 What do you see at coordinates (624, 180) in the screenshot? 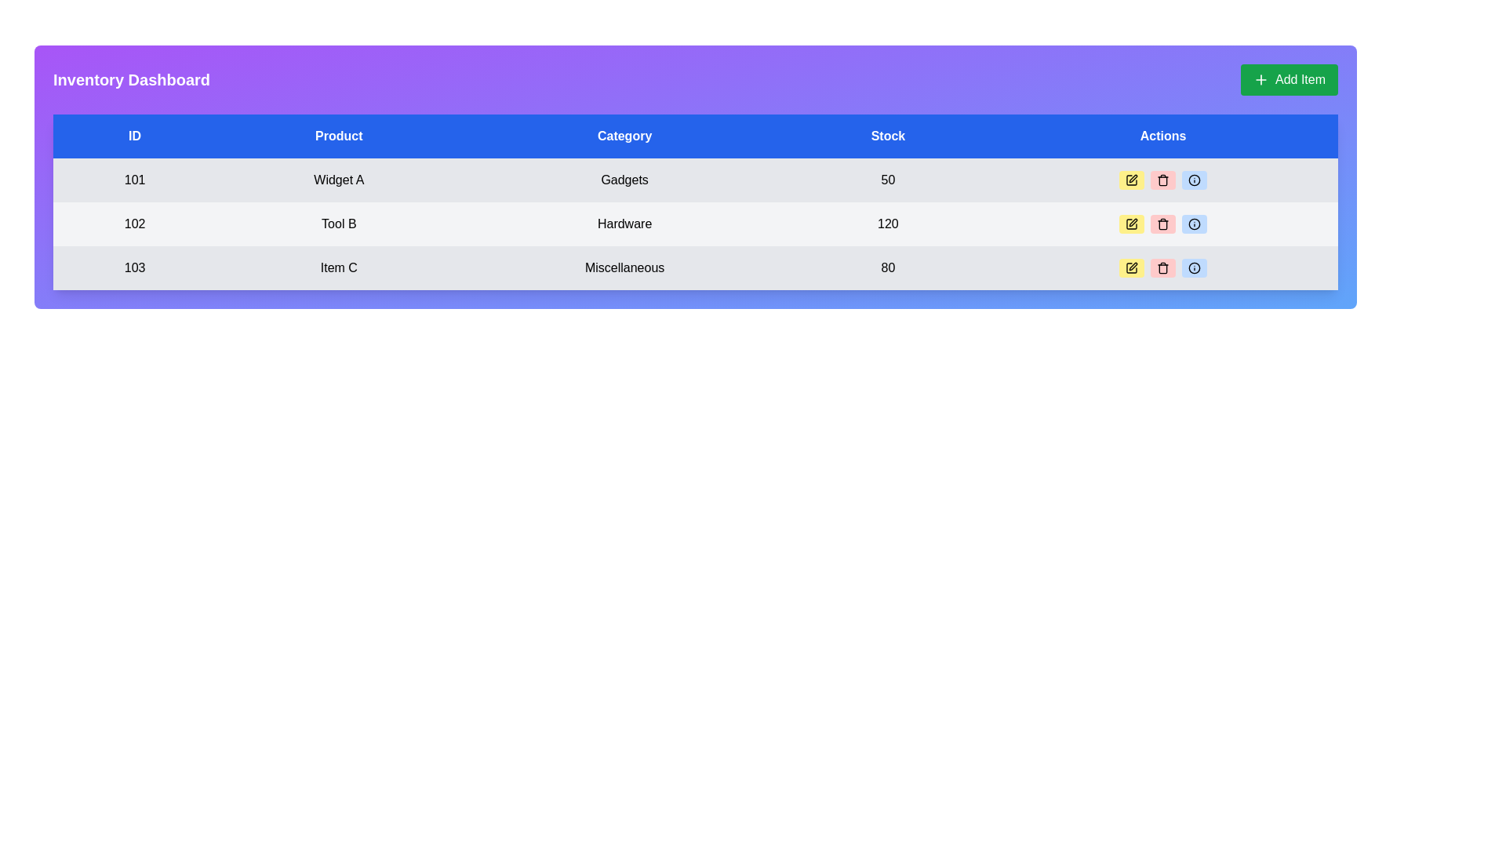
I see `the table cell that contains the text 'Gadgets', located under the 'Category' column in the first row of the data table` at bounding box center [624, 180].